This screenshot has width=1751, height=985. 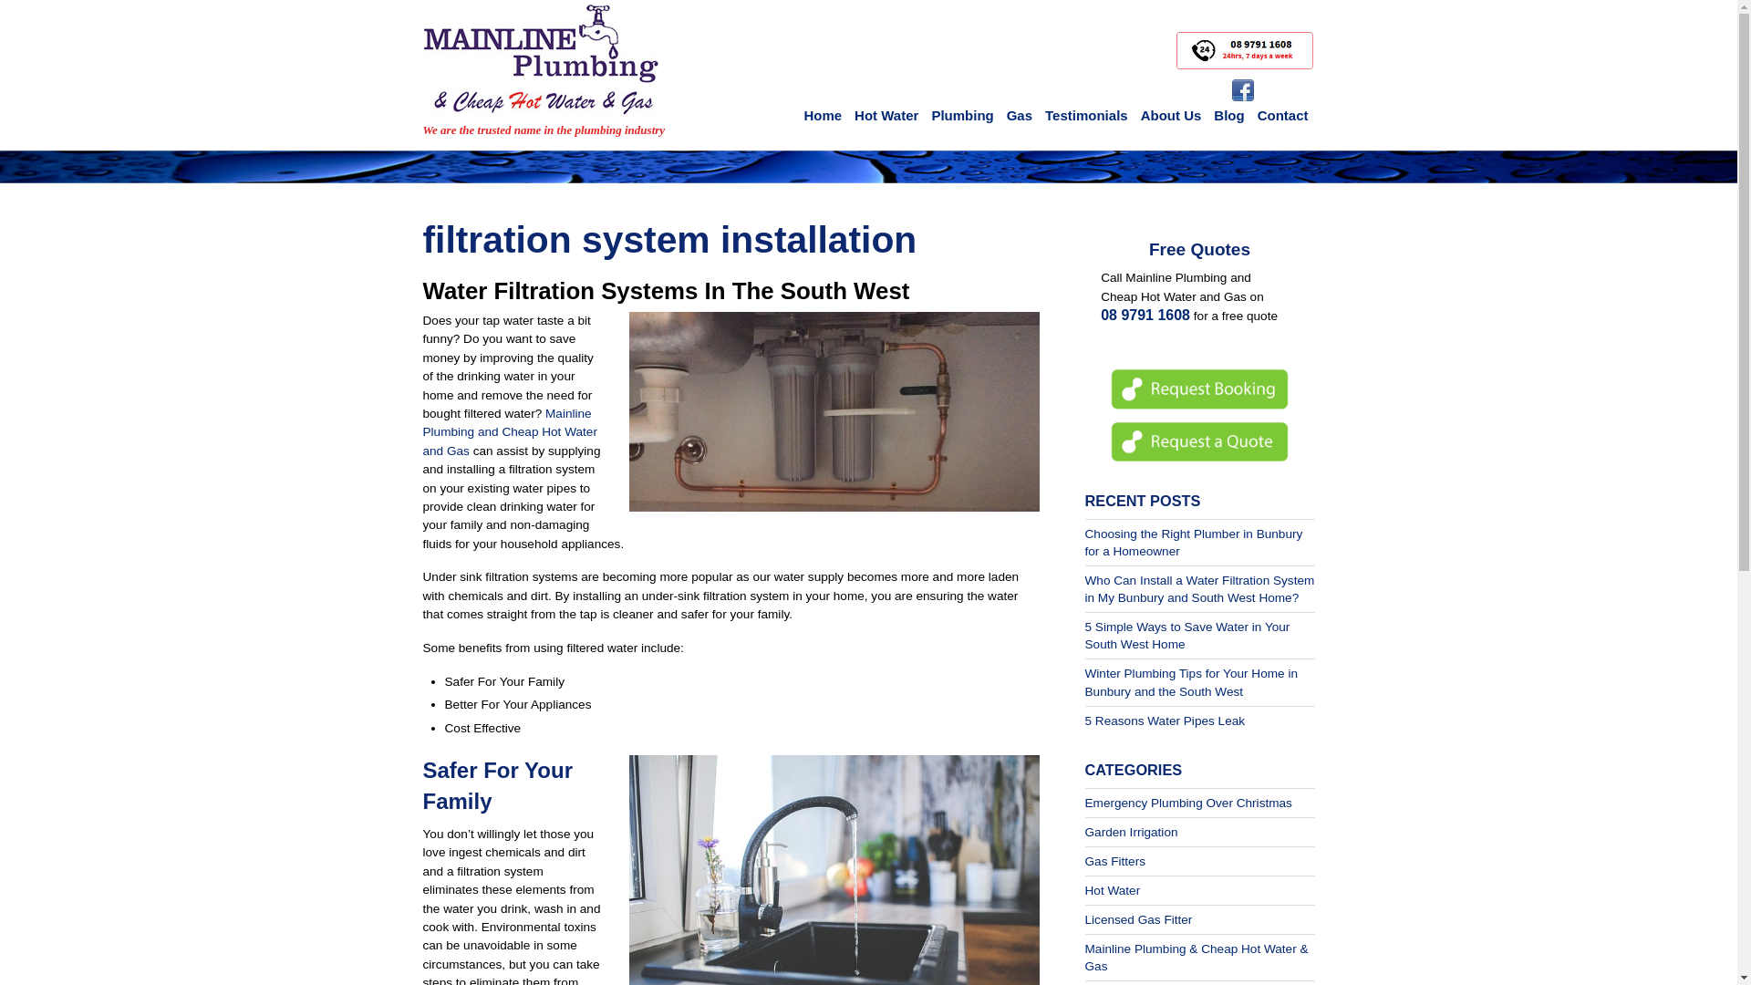 What do you see at coordinates (1114, 861) in the screenshot?
I see `'Gas Fitters'` at bounding box center [1114, 861].